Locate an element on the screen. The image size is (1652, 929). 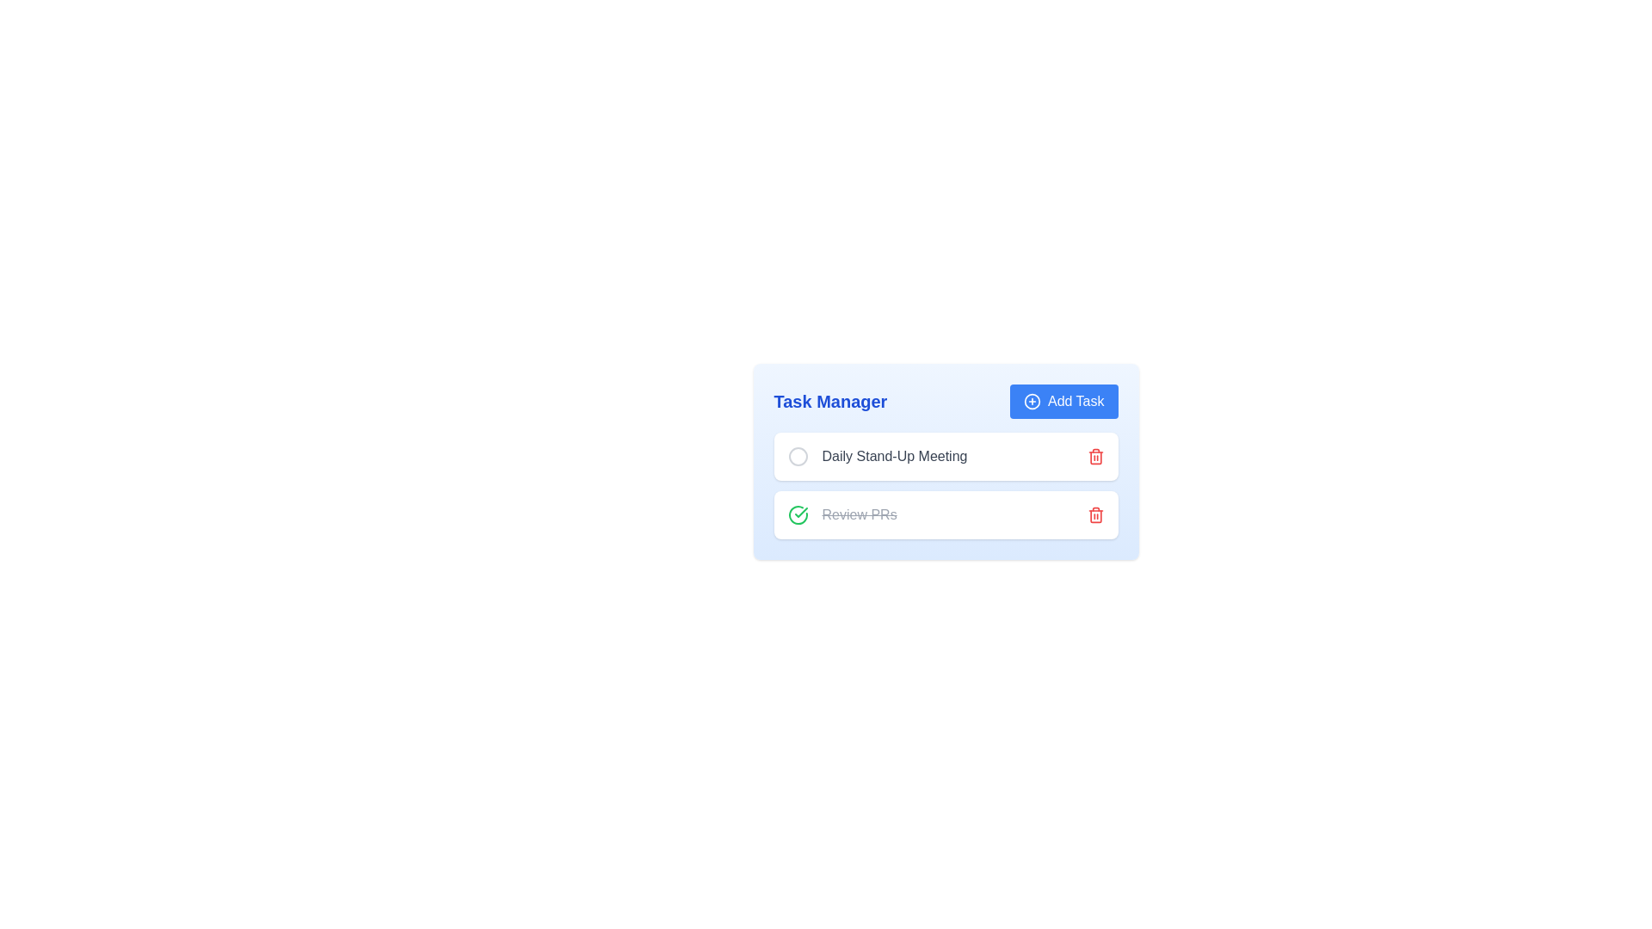
the static text label that indicates the title or description of the first task entry in the task management system, positioned to the right of a circular icon is located at coordinates (895, 456).